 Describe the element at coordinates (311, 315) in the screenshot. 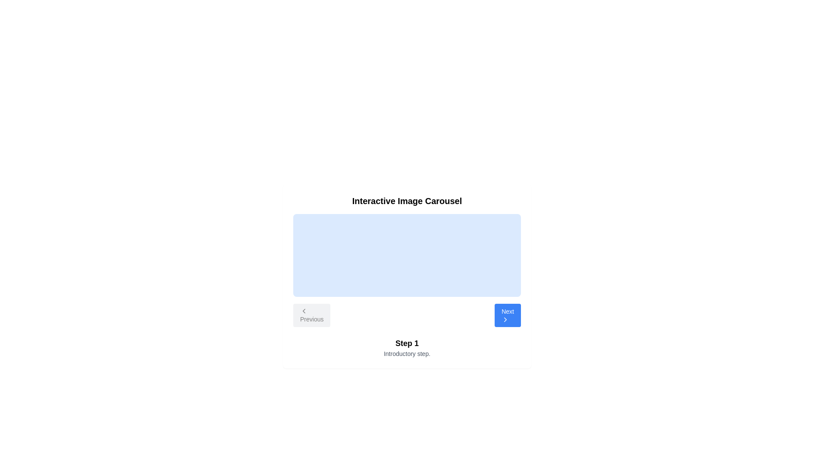

I see `the 'Previous' button, which is a light gray button with rounded corners located in the bottom left corner of the interface` at that location.